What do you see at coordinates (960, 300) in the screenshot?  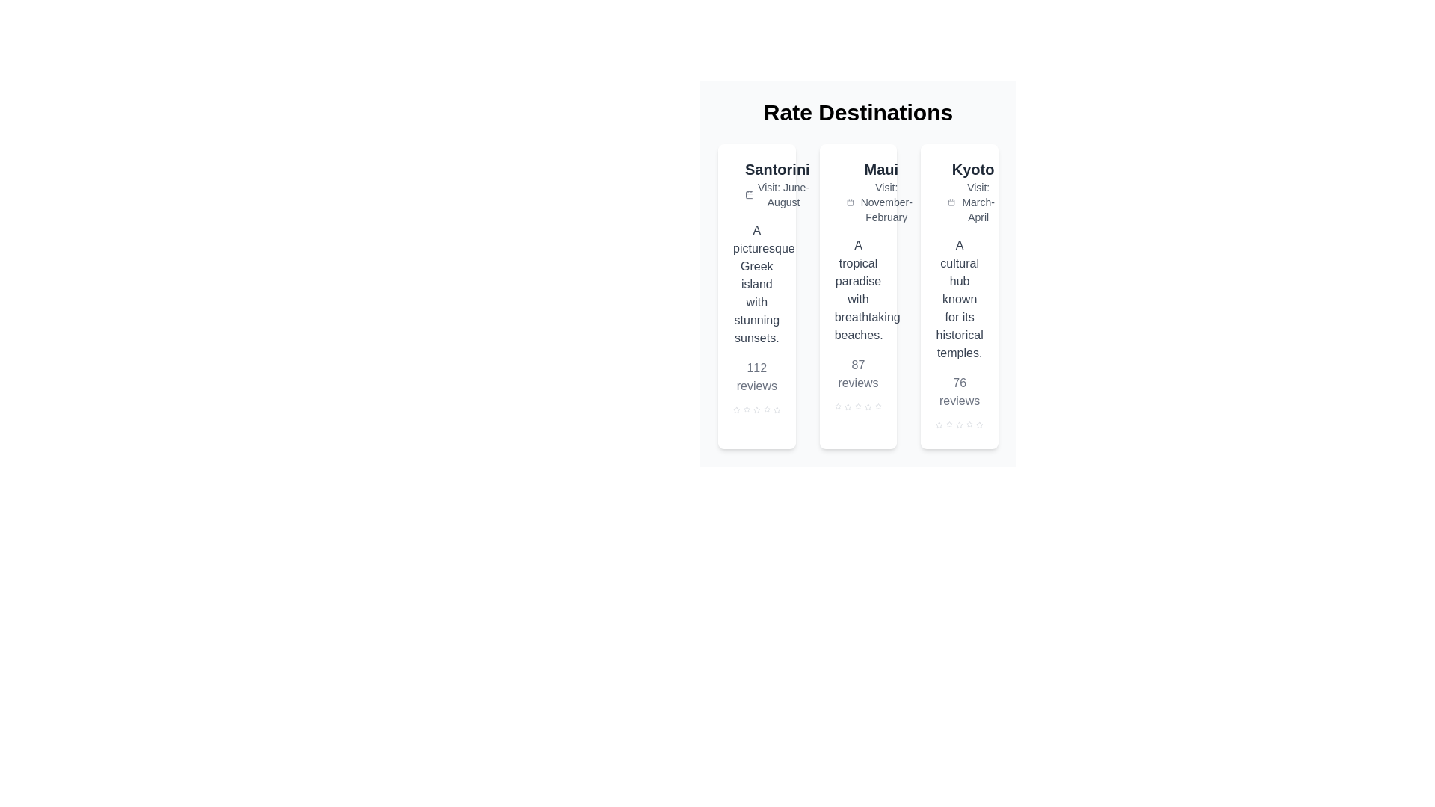 I see `the static text displaying 'A cultural hub known for its historical temples.' which is the third textual description in the vertical list about destinations within the 'Kyoto' card` at bounding box center [960, 300].